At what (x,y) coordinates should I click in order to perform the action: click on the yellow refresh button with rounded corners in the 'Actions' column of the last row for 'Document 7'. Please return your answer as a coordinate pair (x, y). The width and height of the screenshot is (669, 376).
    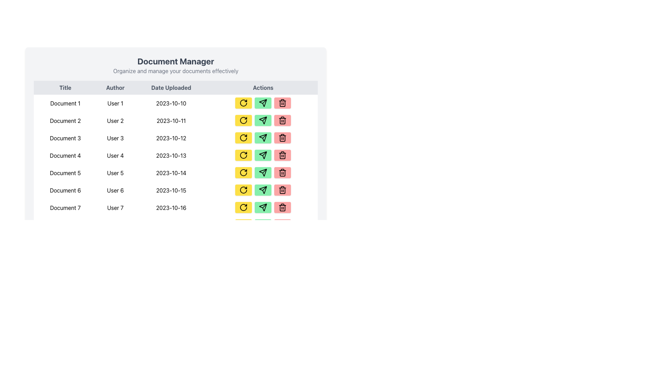
    Looking at the image, I should click on (244, 207).